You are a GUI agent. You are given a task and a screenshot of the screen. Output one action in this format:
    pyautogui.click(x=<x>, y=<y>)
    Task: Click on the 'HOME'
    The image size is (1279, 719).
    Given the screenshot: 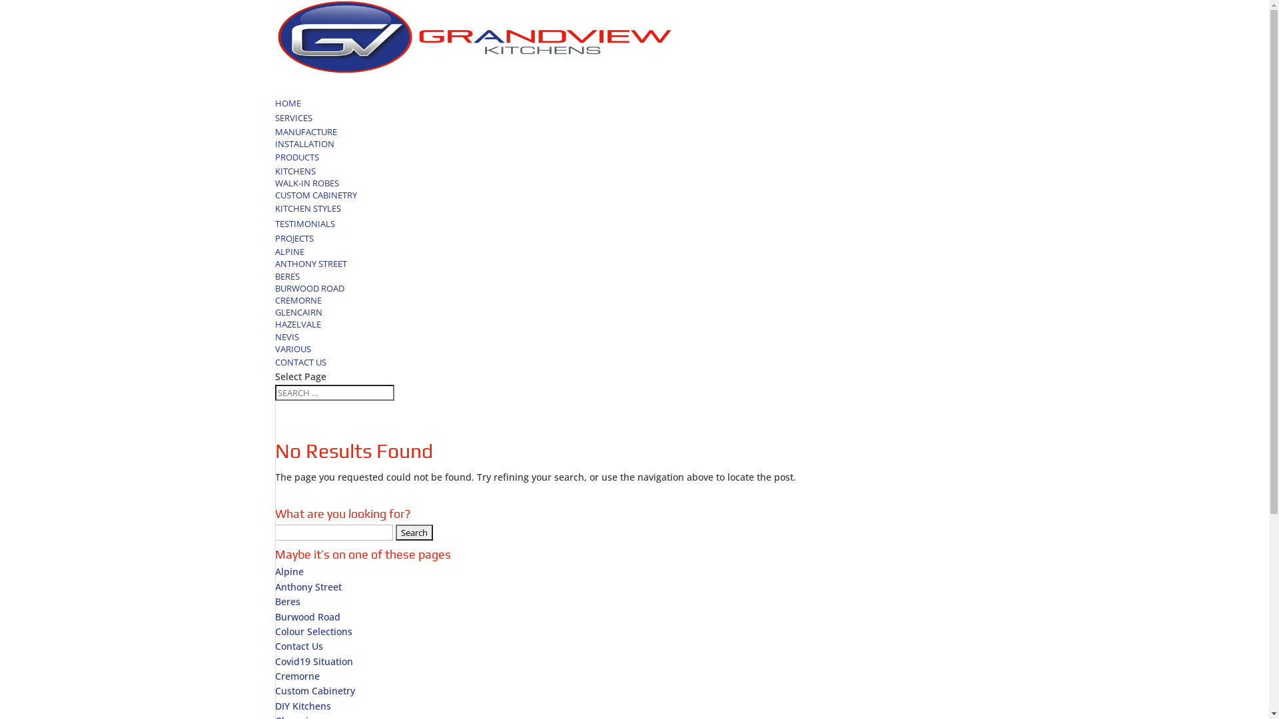 What is the action you would take?
    pyautogui.click(x=286, y=111)
    